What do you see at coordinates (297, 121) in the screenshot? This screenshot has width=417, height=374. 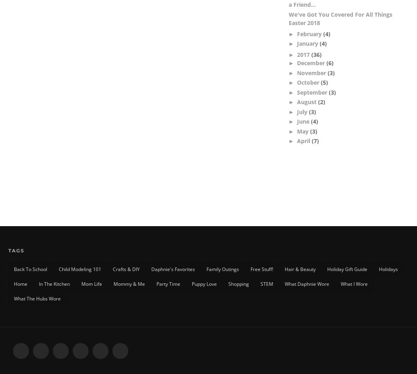 I see `'June'` at bounding box center [297, 121].